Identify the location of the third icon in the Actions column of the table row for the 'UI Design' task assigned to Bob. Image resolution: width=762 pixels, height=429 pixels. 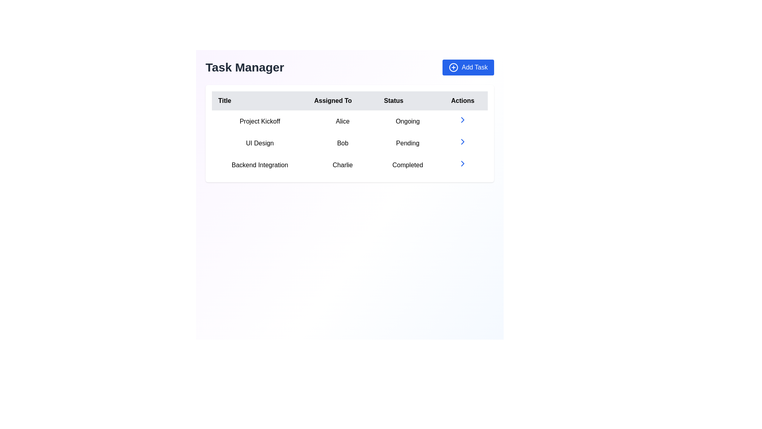
(463, 141).